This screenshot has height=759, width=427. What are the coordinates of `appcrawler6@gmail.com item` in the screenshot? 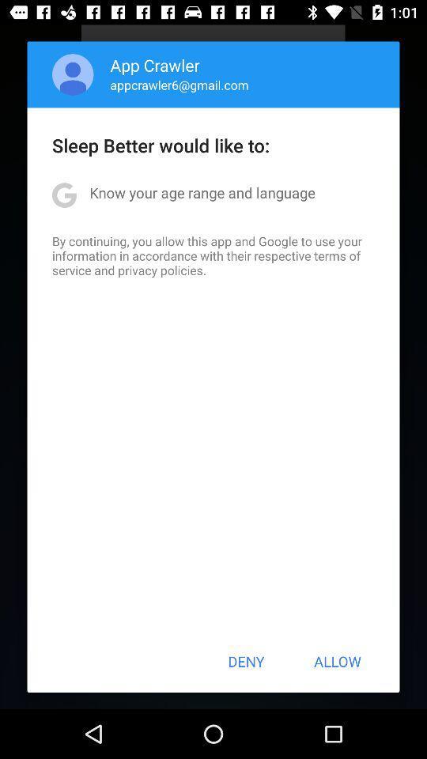 It's located at (179, 85).